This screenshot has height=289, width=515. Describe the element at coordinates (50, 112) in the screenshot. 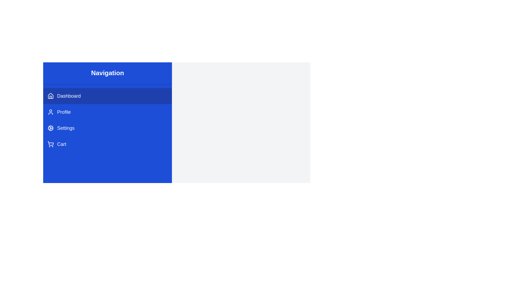

I see `the 'Profile' menu icon` at that location.